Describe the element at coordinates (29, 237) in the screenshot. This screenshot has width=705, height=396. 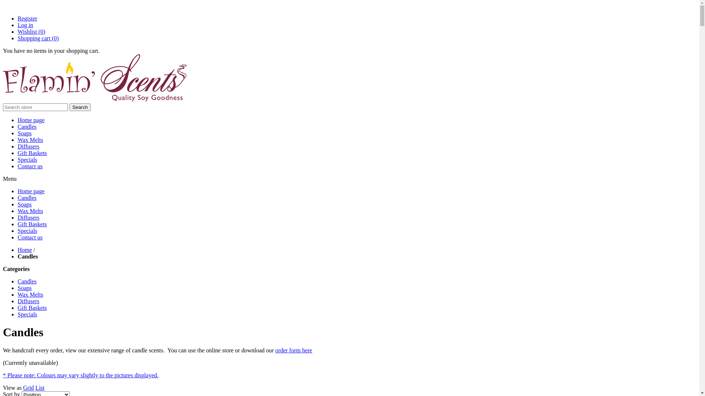
I see `'Contact us'` at that location.